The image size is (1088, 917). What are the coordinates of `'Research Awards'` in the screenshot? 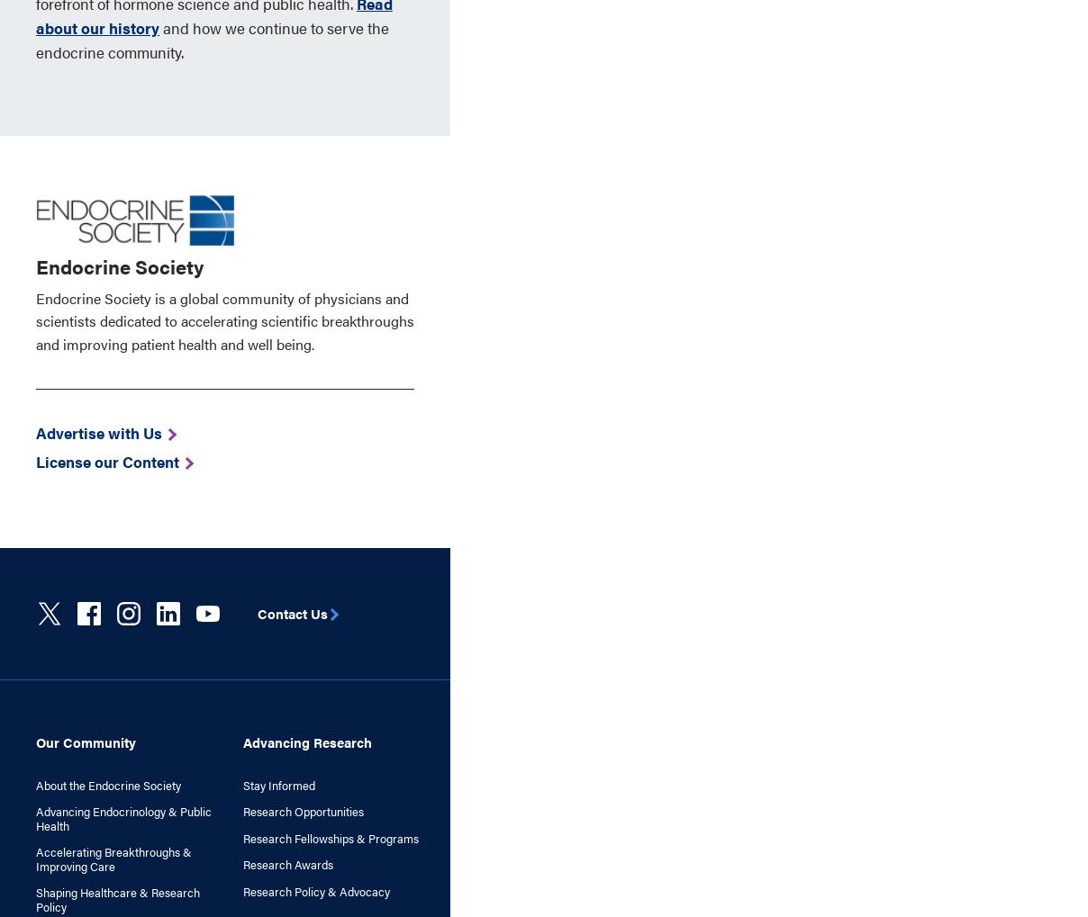 It's located at (286, 863).